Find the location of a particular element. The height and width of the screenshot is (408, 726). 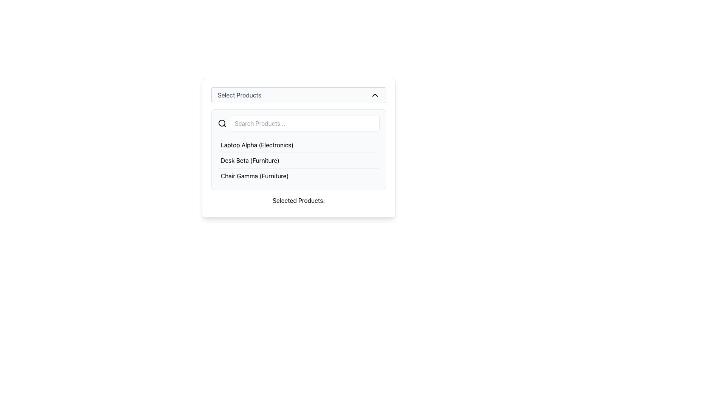

the text label displaying 'Desk Beta (Furniture)' is located at coordinates (250, 160).